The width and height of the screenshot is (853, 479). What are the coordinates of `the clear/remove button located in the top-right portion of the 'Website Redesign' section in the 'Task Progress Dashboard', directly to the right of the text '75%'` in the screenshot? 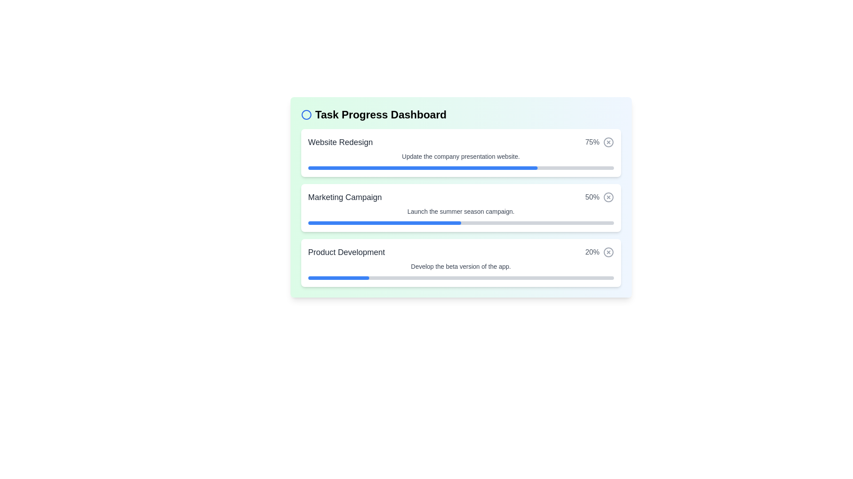 It's located at (608, 141).